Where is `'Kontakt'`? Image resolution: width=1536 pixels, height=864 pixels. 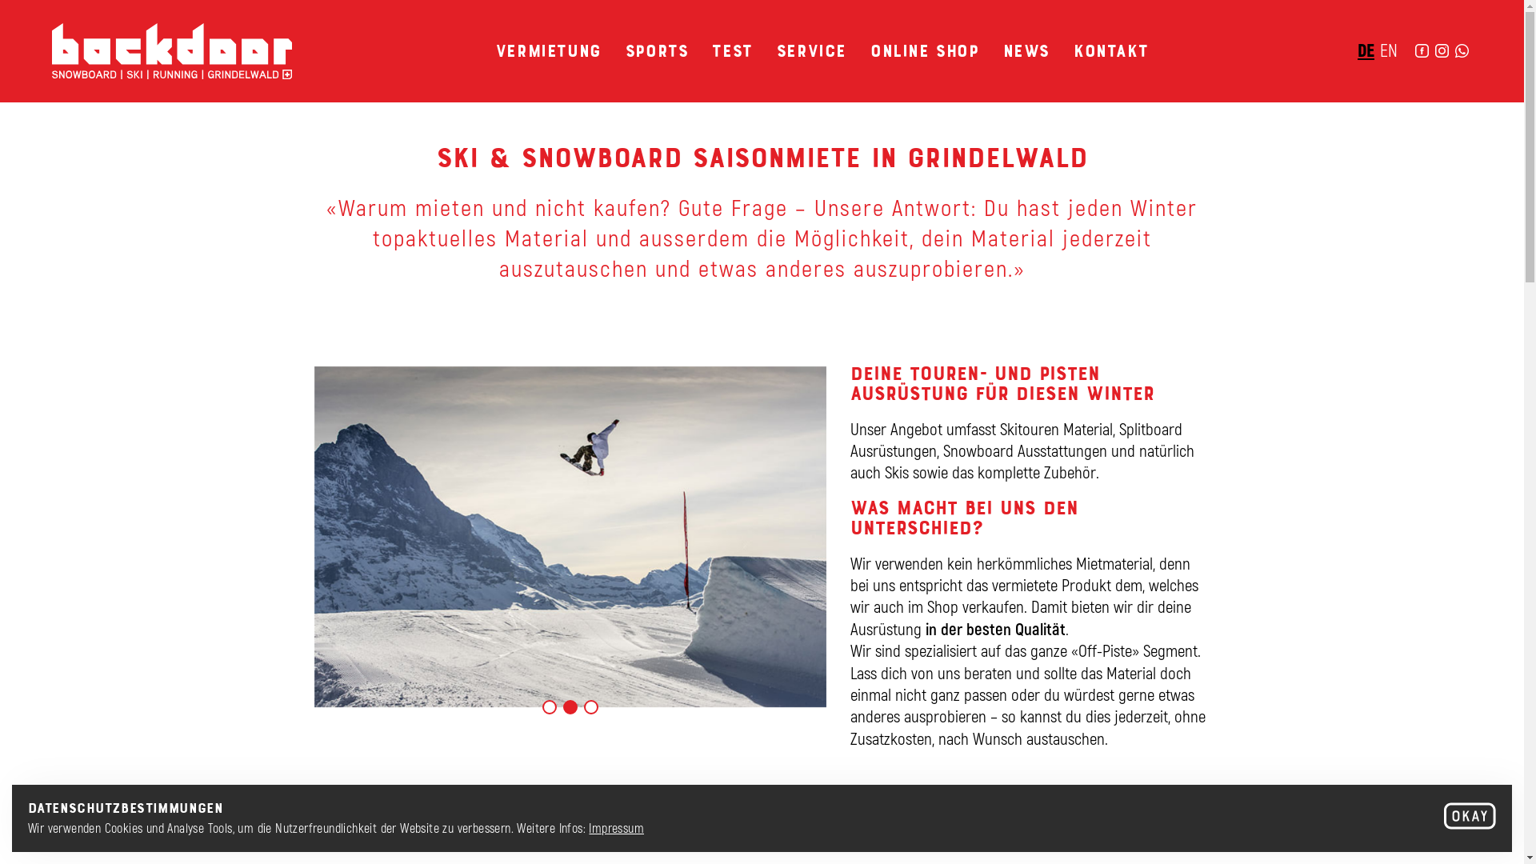 'Kontakt' is located at coordinates (1110, 48).